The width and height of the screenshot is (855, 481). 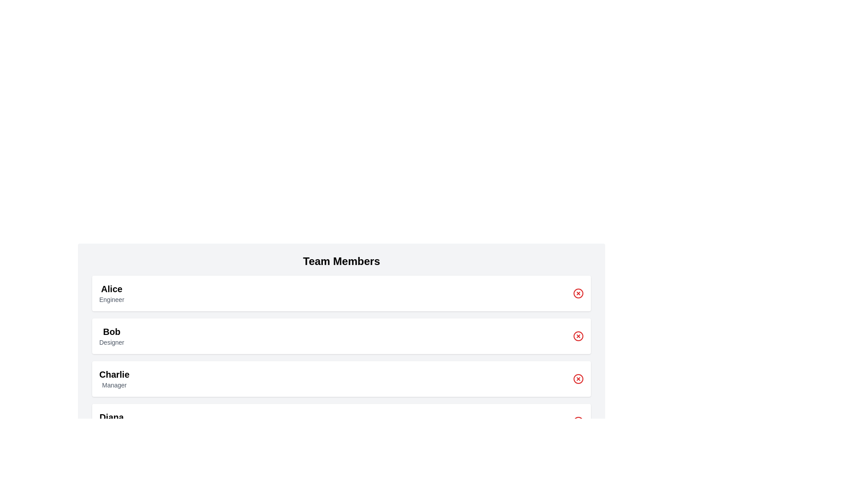 What do you see at coordinates (111, 421) in the screenshot?
I see `the text block displaying 'Diana'` at bounding box center [111, 421].